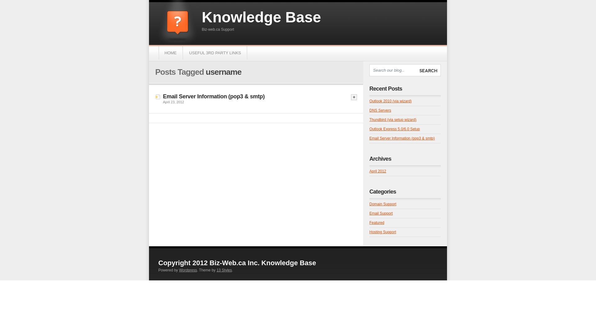 The width and height of the screenshot is (596, 335). What do you see at coordinates (351, 97) in the screenshot?
I see `'+'` at bounding box center [351, 97].